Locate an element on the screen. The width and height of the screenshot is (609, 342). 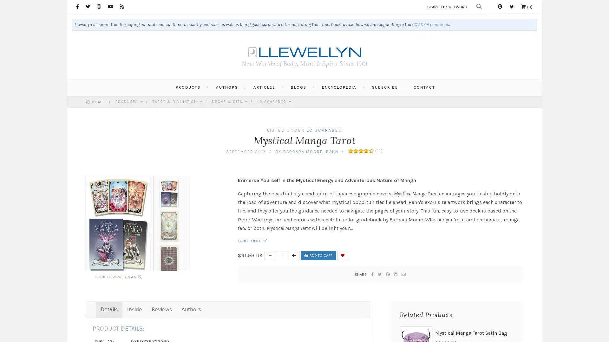
ADD TO CART is located at coordinates (318, 255).